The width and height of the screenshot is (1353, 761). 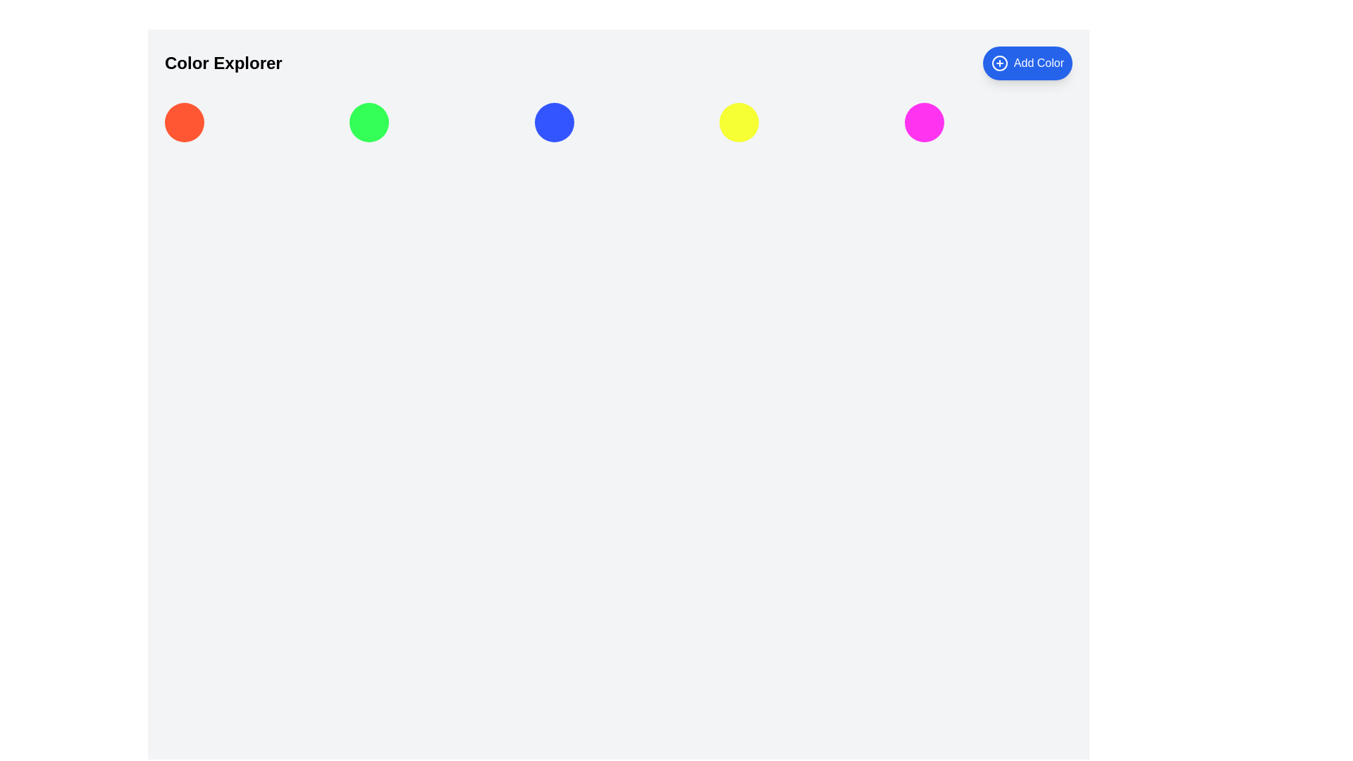 I want to click on the circular graphical component within the 'Add Color' button, which indicates functionality for adding or interacting with a color feature, so click(x=999, y=62).